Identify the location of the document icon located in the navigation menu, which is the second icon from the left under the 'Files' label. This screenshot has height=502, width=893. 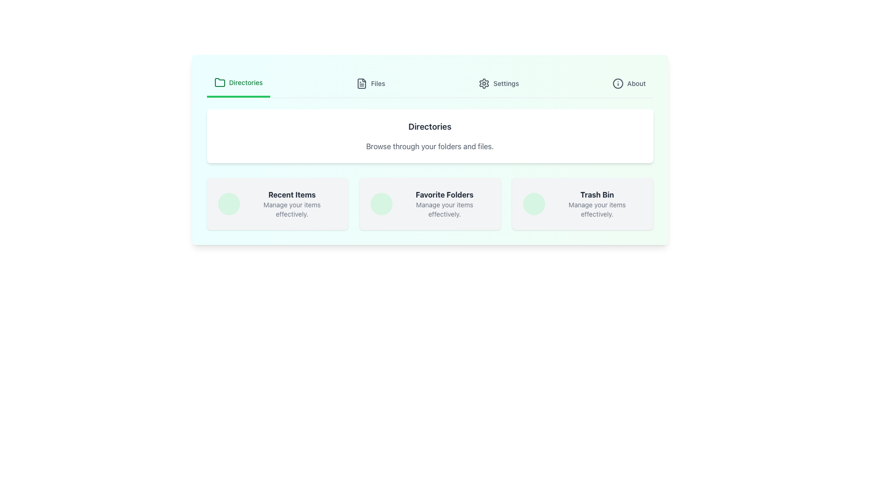
(361, 84).